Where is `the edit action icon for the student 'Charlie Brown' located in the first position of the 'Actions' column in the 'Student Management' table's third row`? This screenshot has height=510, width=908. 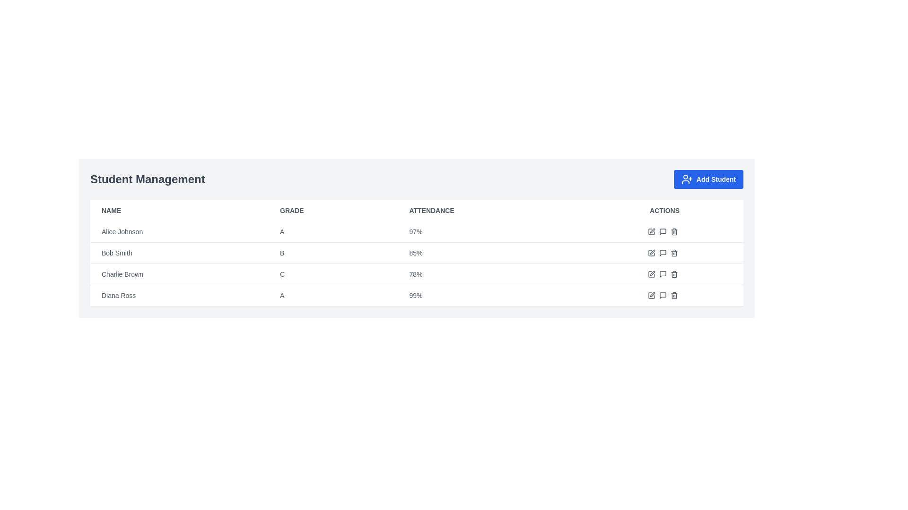 the edit action icon for the student 'Charlie Brown' located in the first position of the 'Actions' column in the 'Student Management' table's third row is located at coordinates (651, 274).